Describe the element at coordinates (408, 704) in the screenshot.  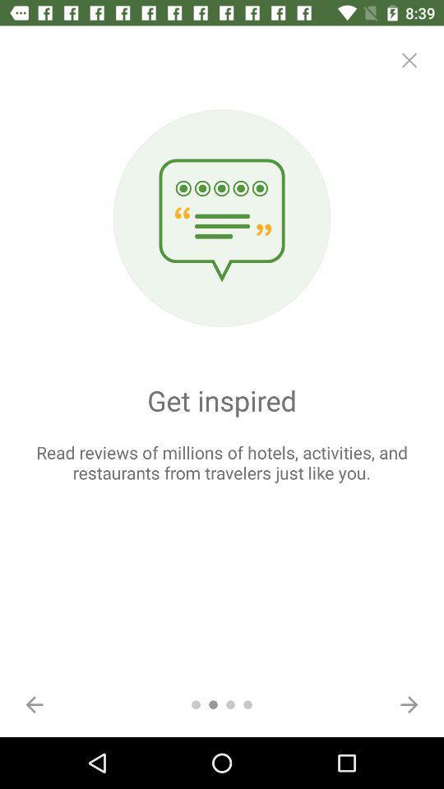
I see `the icon below the read reviews of` at that location.